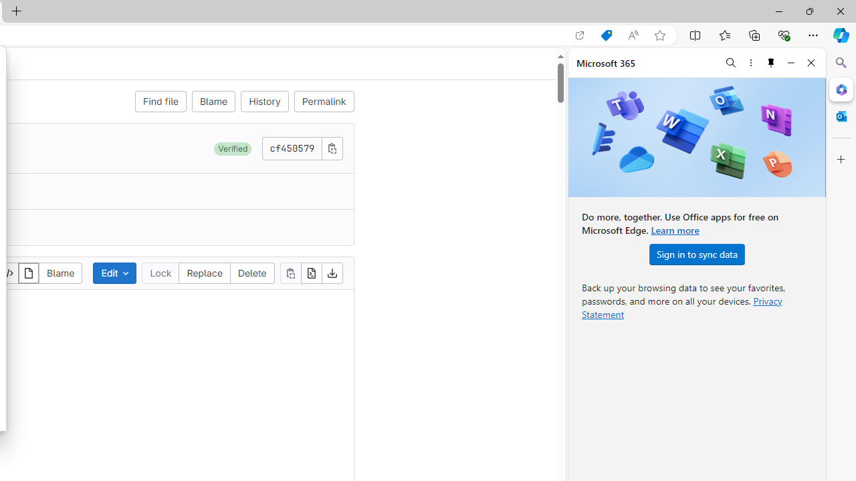  Describe the element at coordinates (115, 272) in the screenshot. I see `'Edit'` at that location.